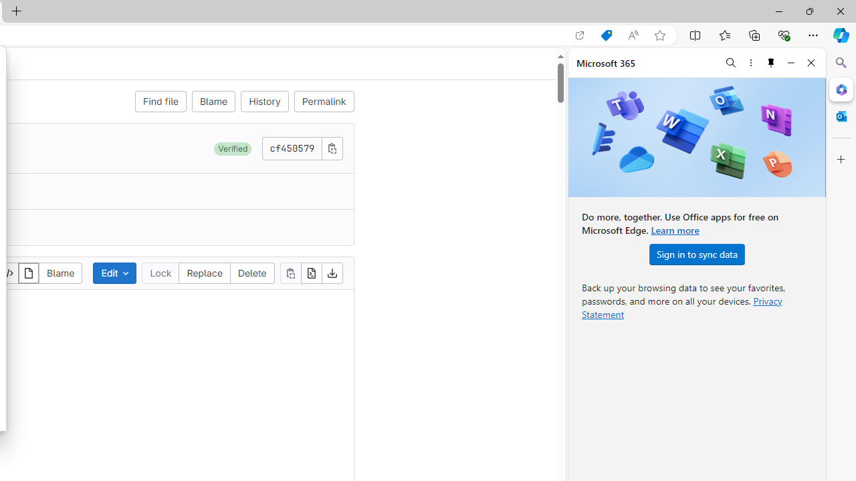  Describe the element at coordinates (115, 272) in the screenshot. I see `'Edit'` at that location.